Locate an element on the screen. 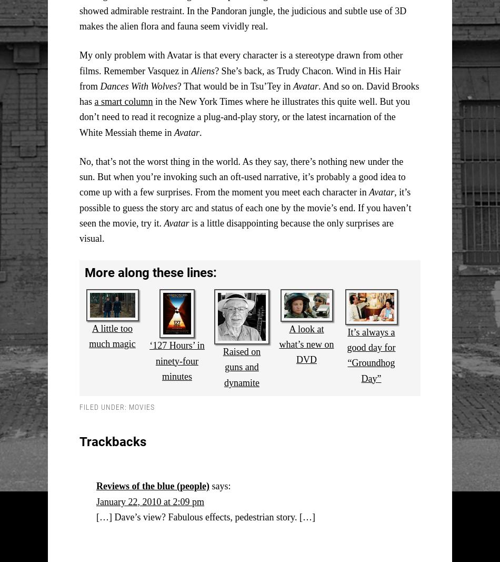  '[…] Dave’s view? Fabulous effects, pedestrian story. […]' is located at coordinates (96, 516).